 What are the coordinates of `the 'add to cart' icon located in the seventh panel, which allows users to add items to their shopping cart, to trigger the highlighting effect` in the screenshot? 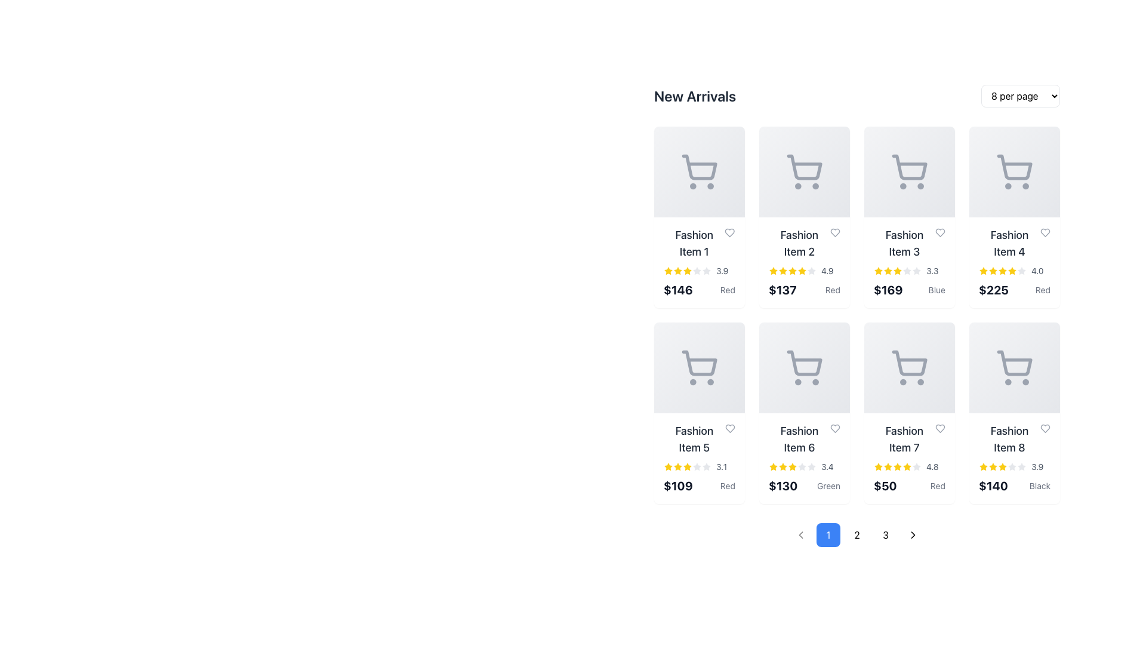 It's located at (908, 367).